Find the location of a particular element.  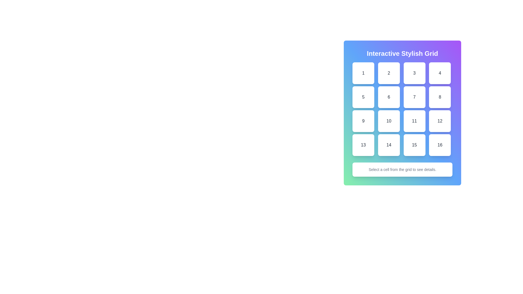

the selectable cell located in the fourth row and second column of the grid is located at coordinates (388, 145).